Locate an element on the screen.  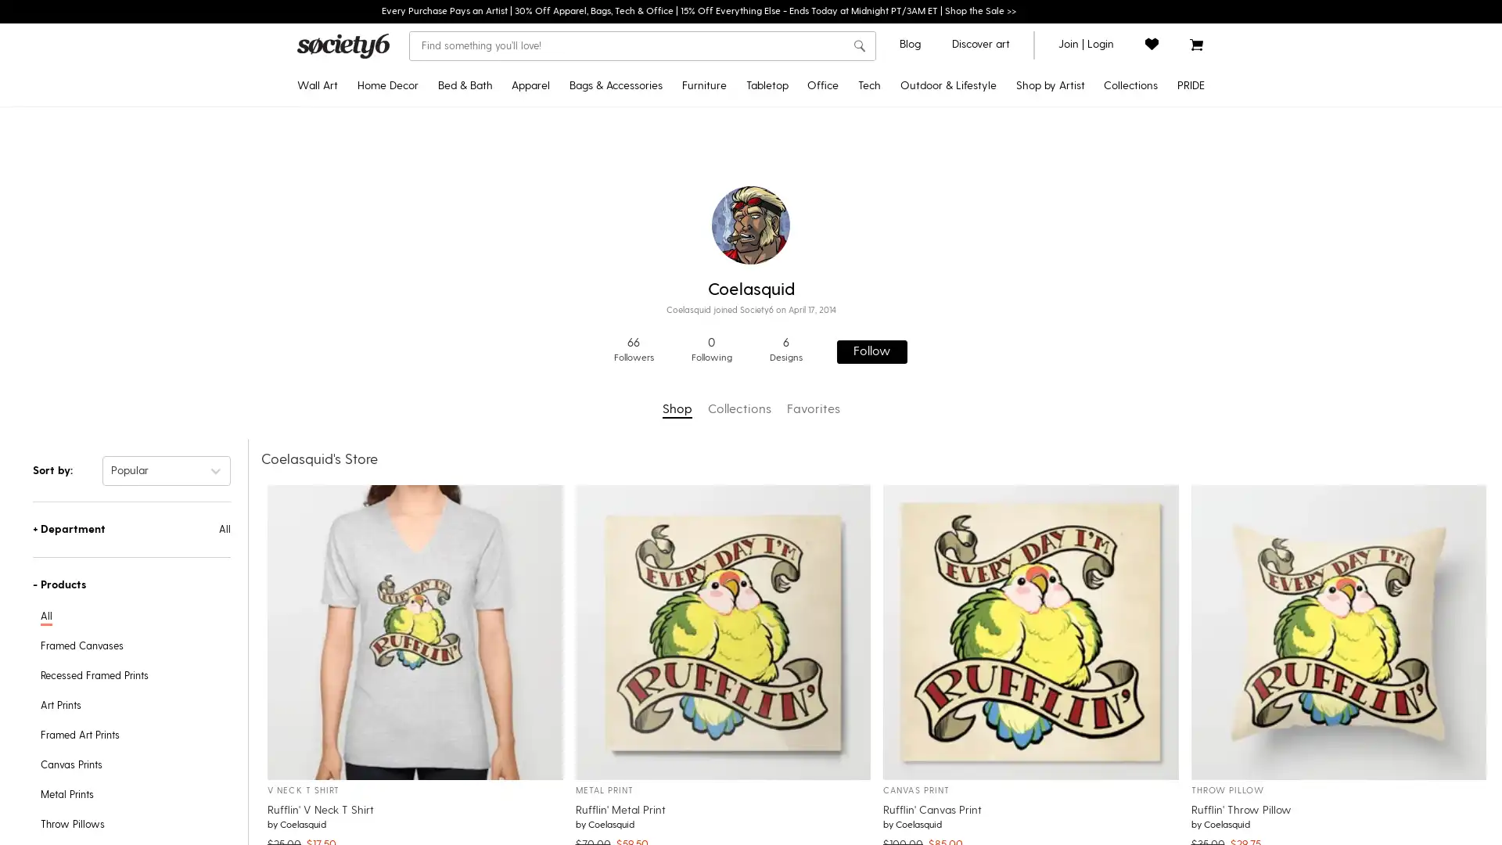
Folding Stools is located at coordinates (968, 428).